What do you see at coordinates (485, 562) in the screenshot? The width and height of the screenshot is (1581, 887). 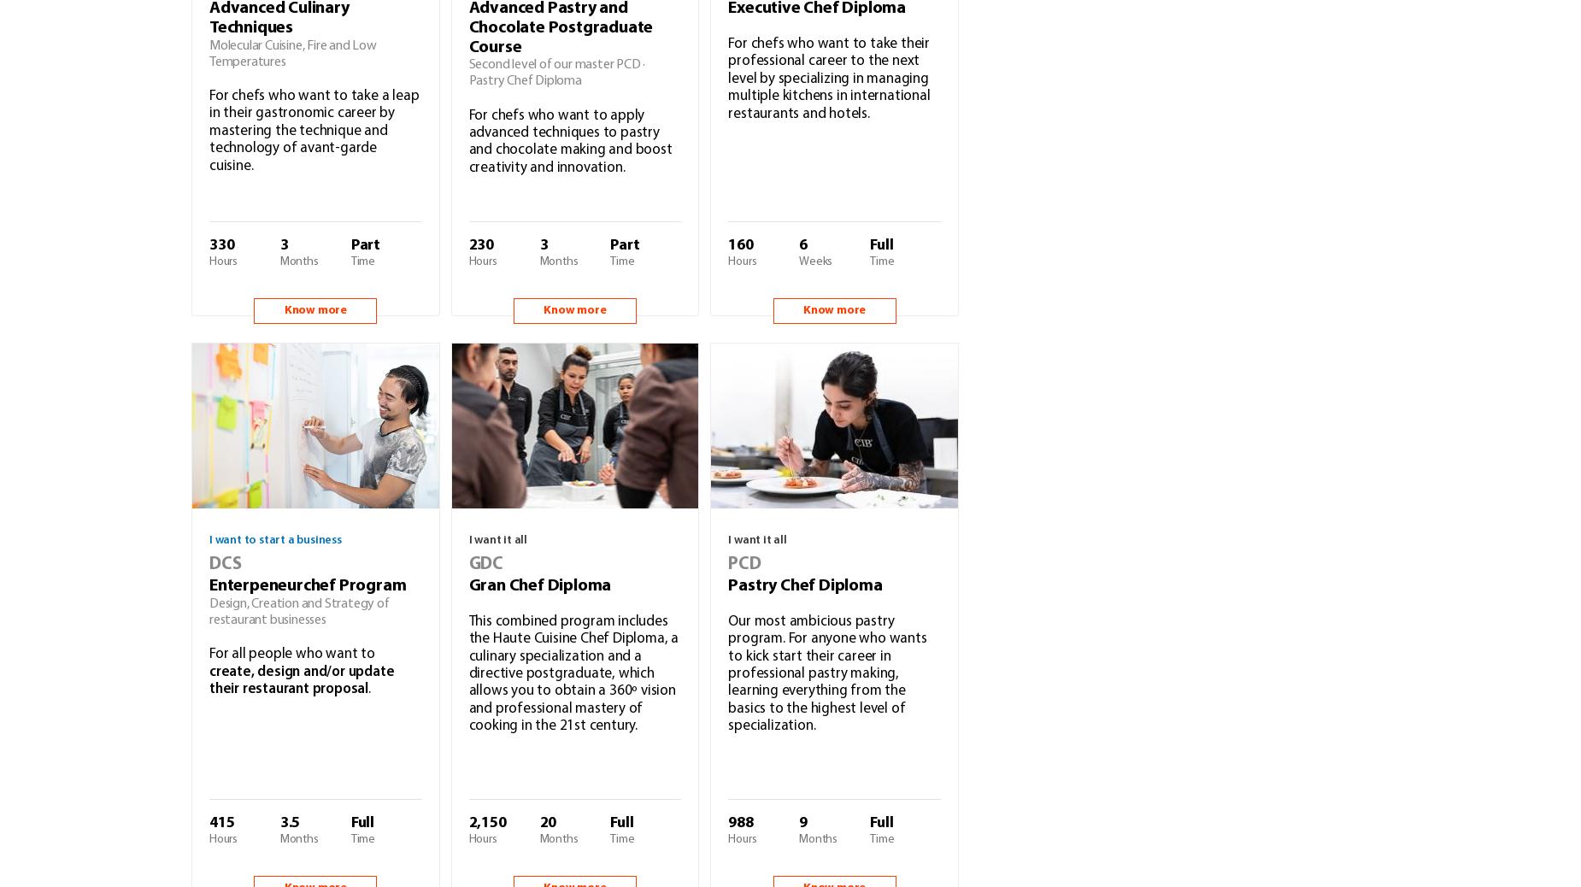 I see `'GDC'` at bounding box center [485, 562].